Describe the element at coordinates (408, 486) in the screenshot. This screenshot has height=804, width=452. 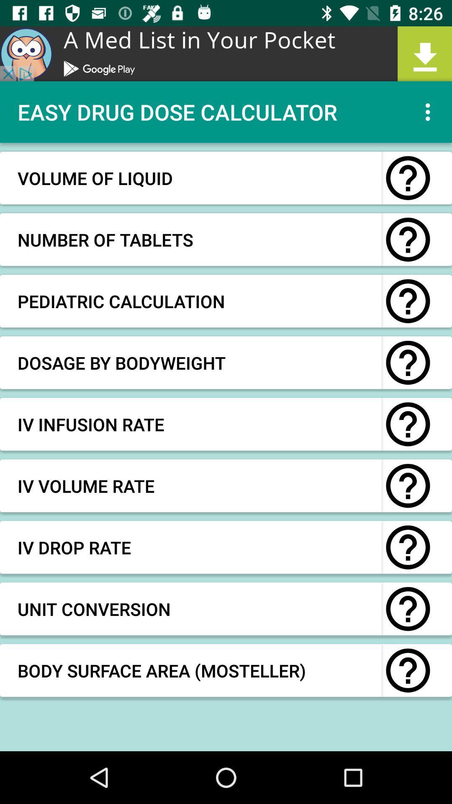
I see `more information` at that location.